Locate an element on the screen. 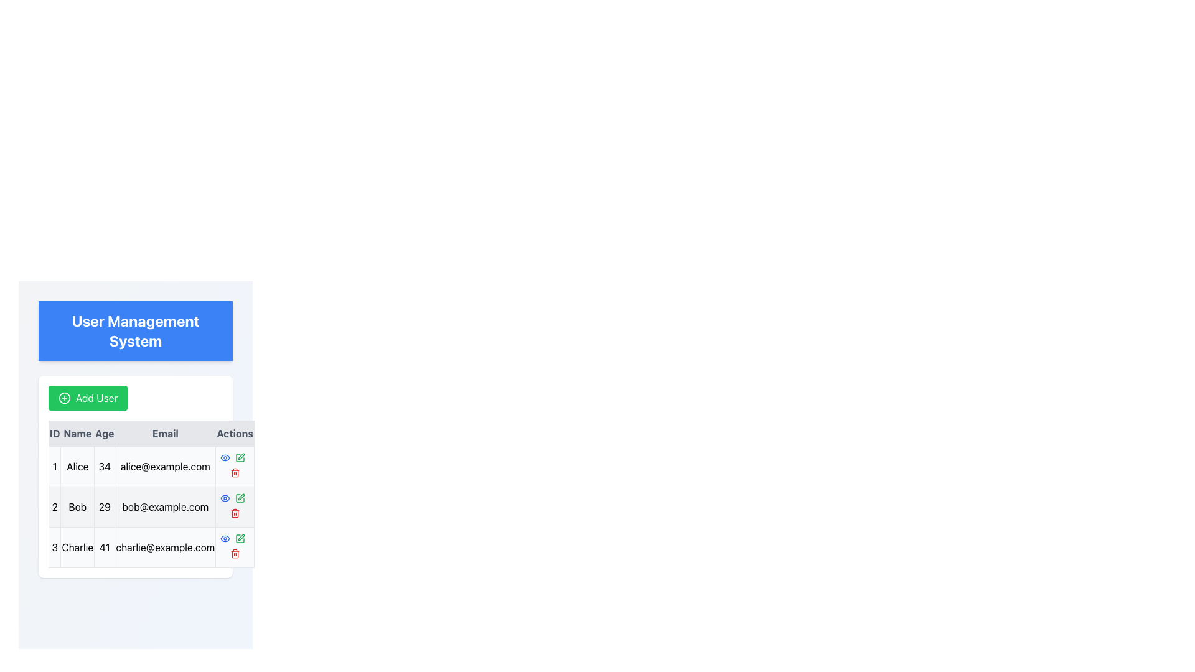 This screenshot has height=672, width=1195. the icon located to the left of the green 'Add User' button, which indicates the purpose of the button in the 'User Management System' interface is located at coordinates (64, 398).